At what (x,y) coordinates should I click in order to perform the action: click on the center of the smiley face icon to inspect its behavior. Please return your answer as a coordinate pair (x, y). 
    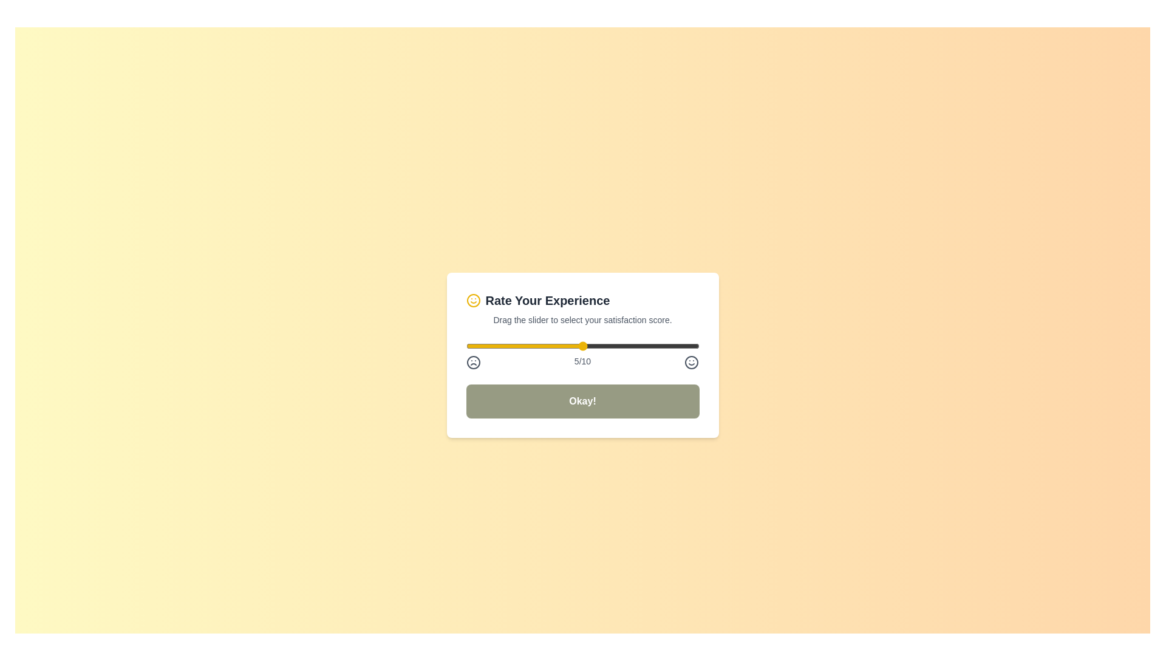
    Looking at the image, I should click on (472, 300).